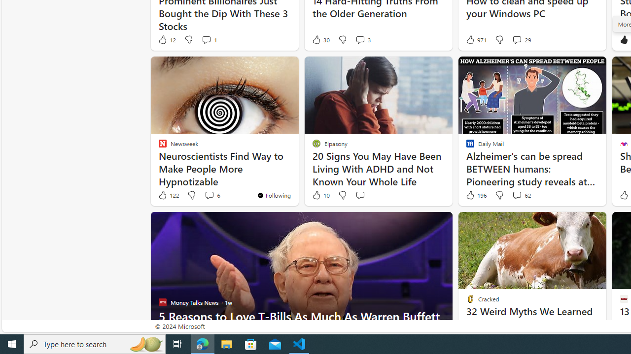  Describe the element at coordinates (320, 195) in the screenshot. I see `'10 Like'` at that location.